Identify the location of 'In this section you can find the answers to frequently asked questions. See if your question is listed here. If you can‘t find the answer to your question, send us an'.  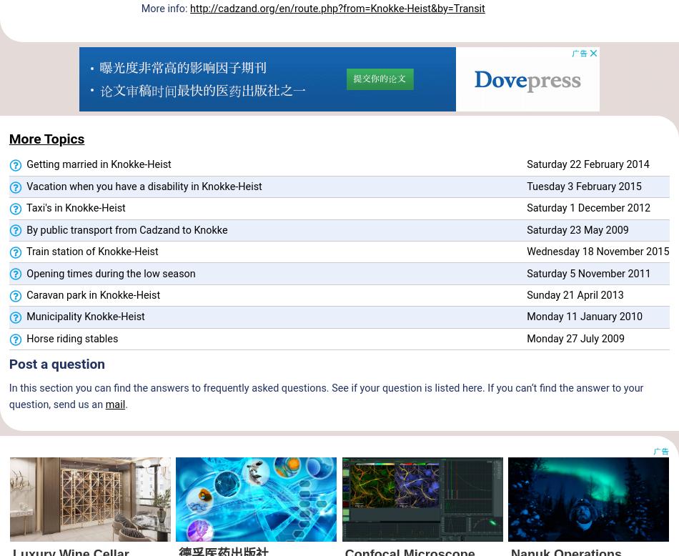
(325, 396).